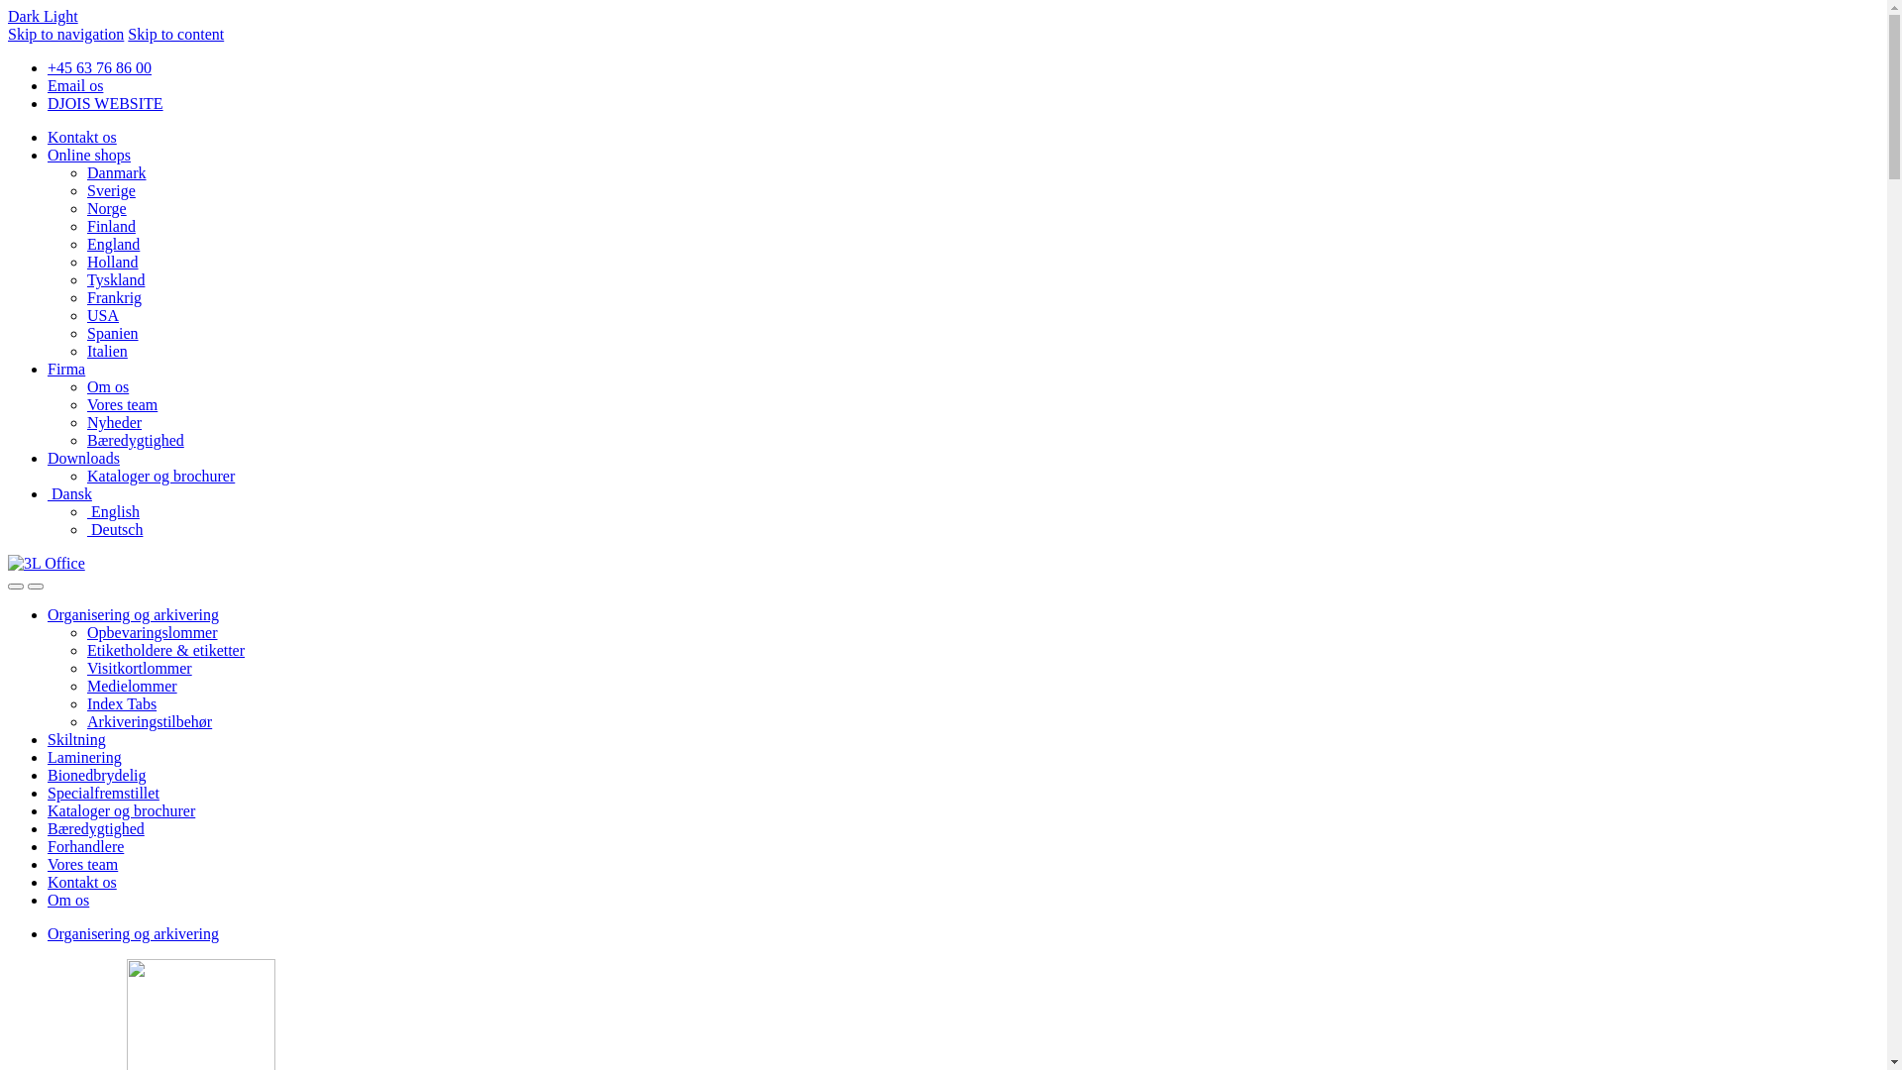  Describe the element at coordinates (131, 685) in the screenshot. I see `'Medielommer'` at that location.